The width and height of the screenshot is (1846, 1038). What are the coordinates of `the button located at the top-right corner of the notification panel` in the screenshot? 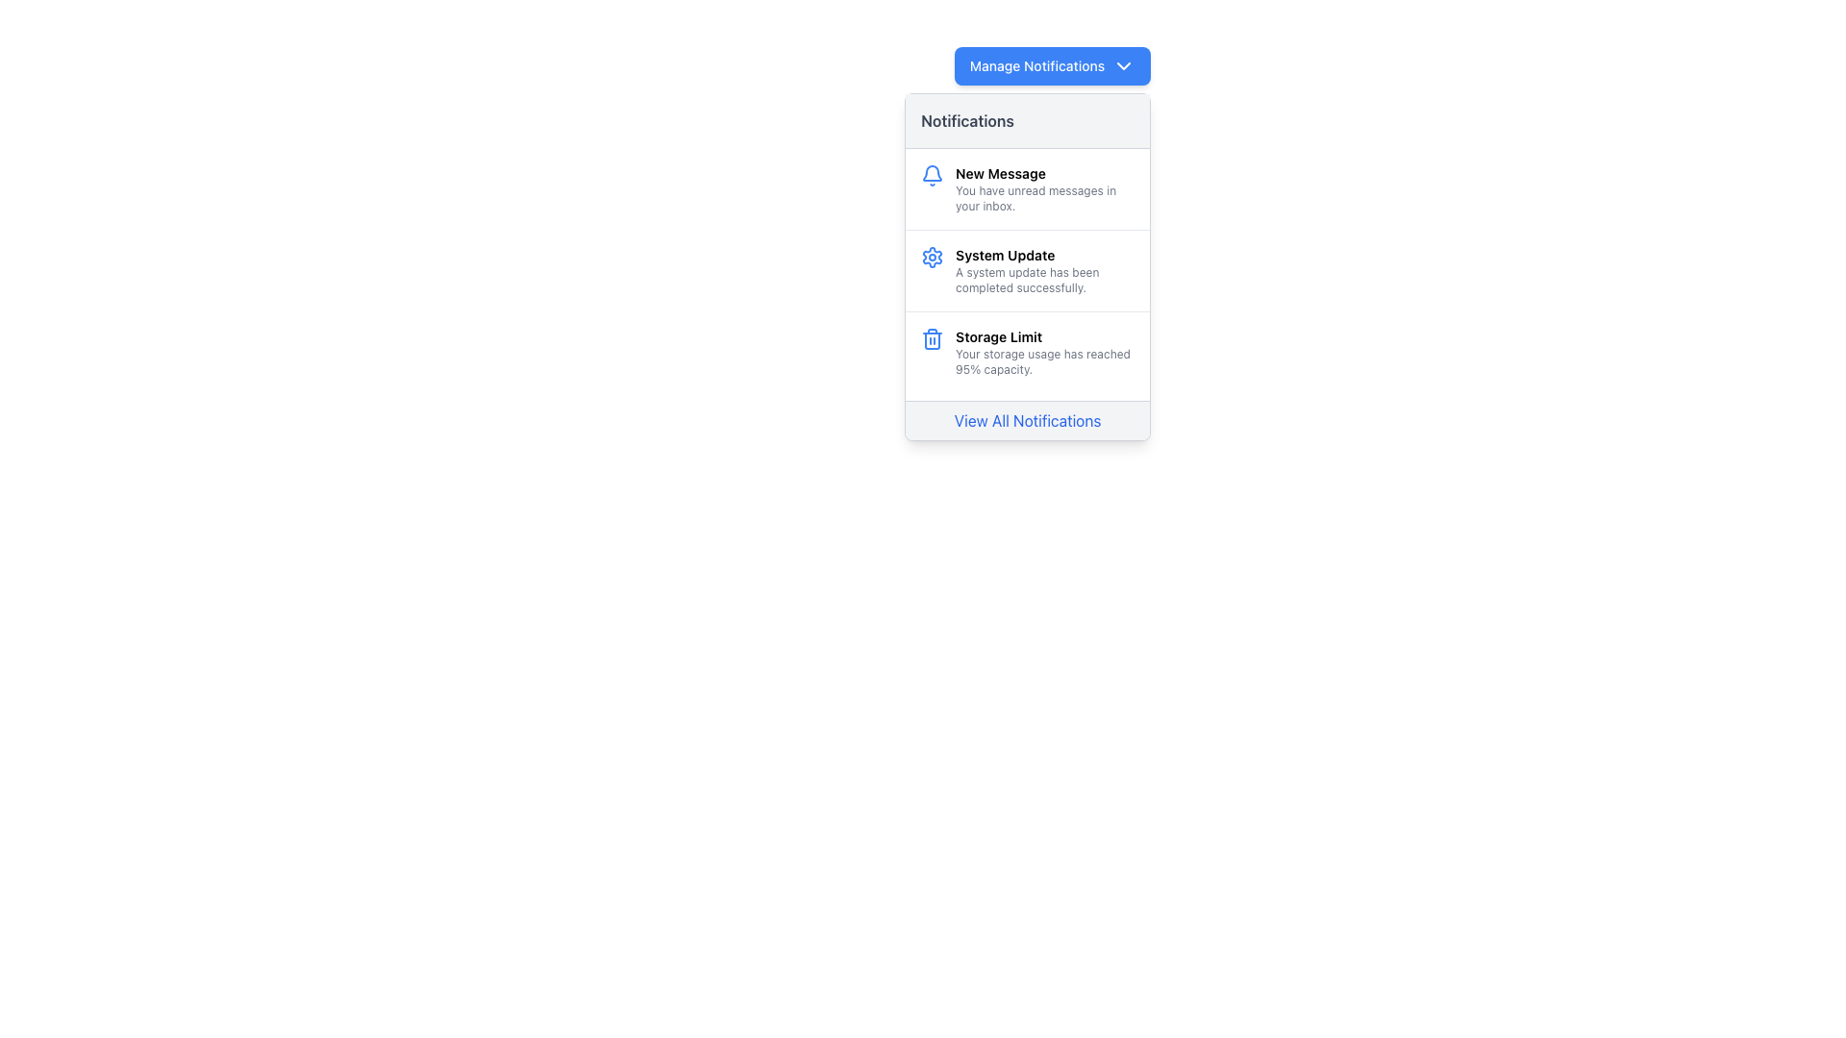 It's located at (1051, 65).